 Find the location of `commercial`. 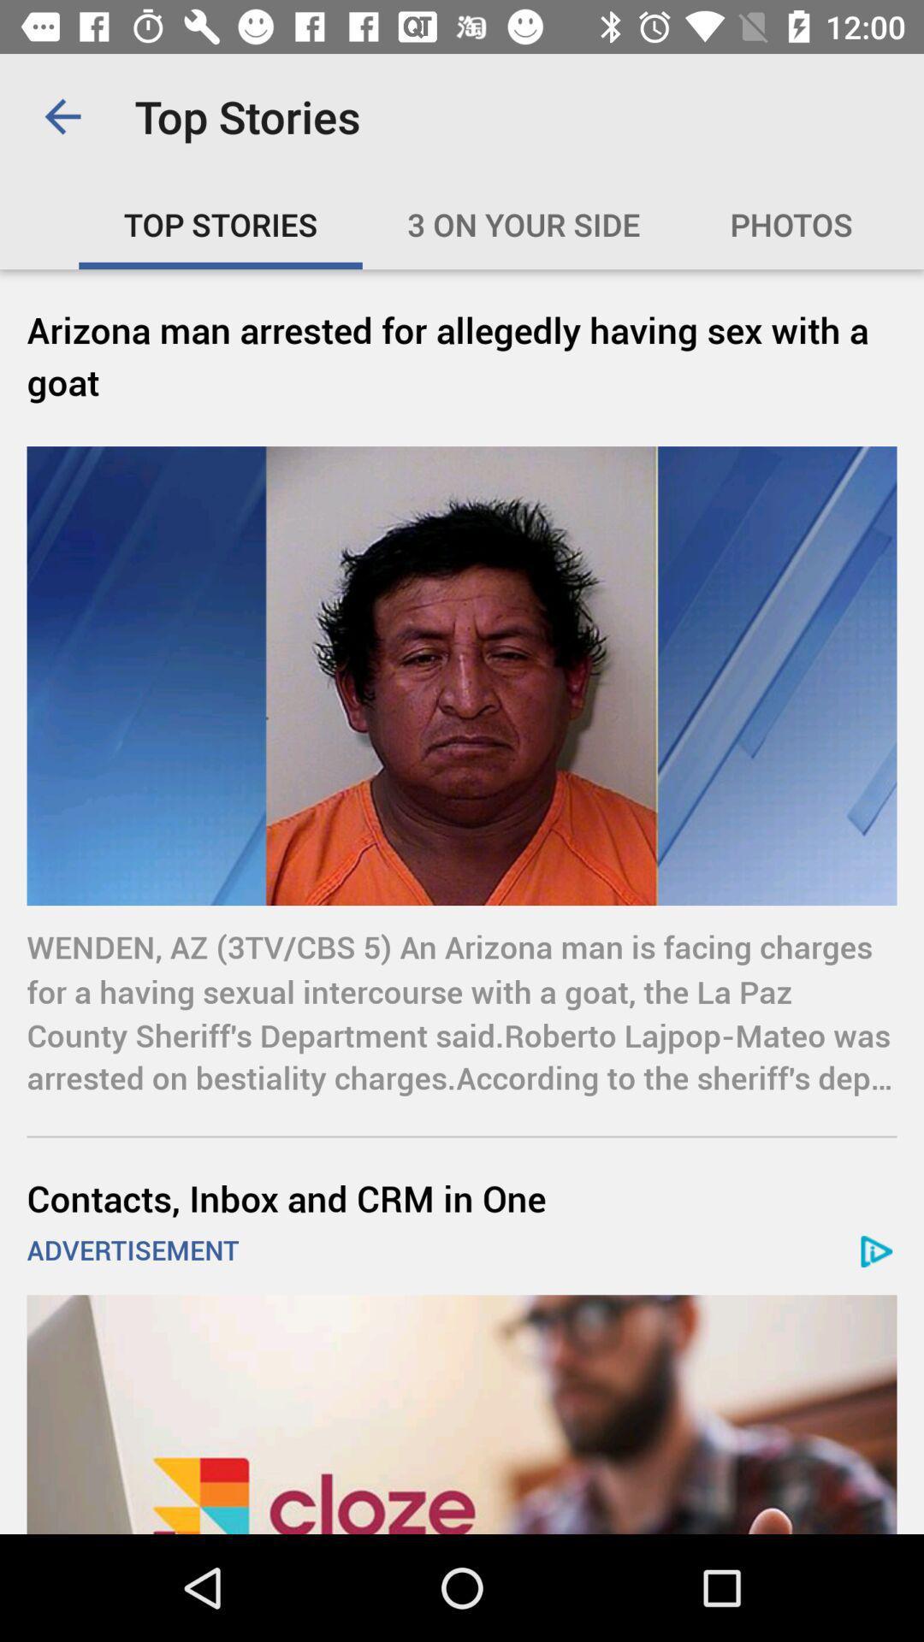

commercial is located at coordinates (462, 1415).